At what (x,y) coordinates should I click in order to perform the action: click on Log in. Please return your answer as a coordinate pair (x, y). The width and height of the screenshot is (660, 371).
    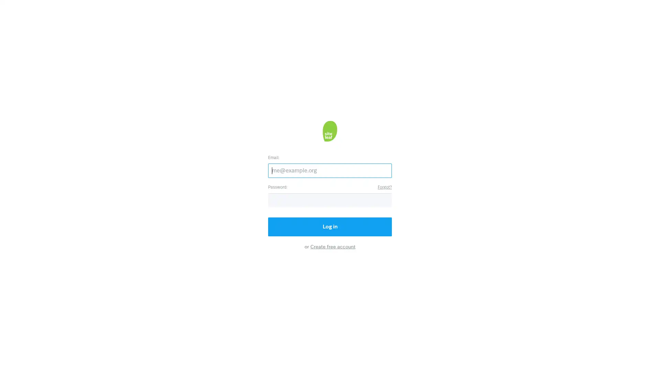
    Looking at the image, I should click on (330, 226).